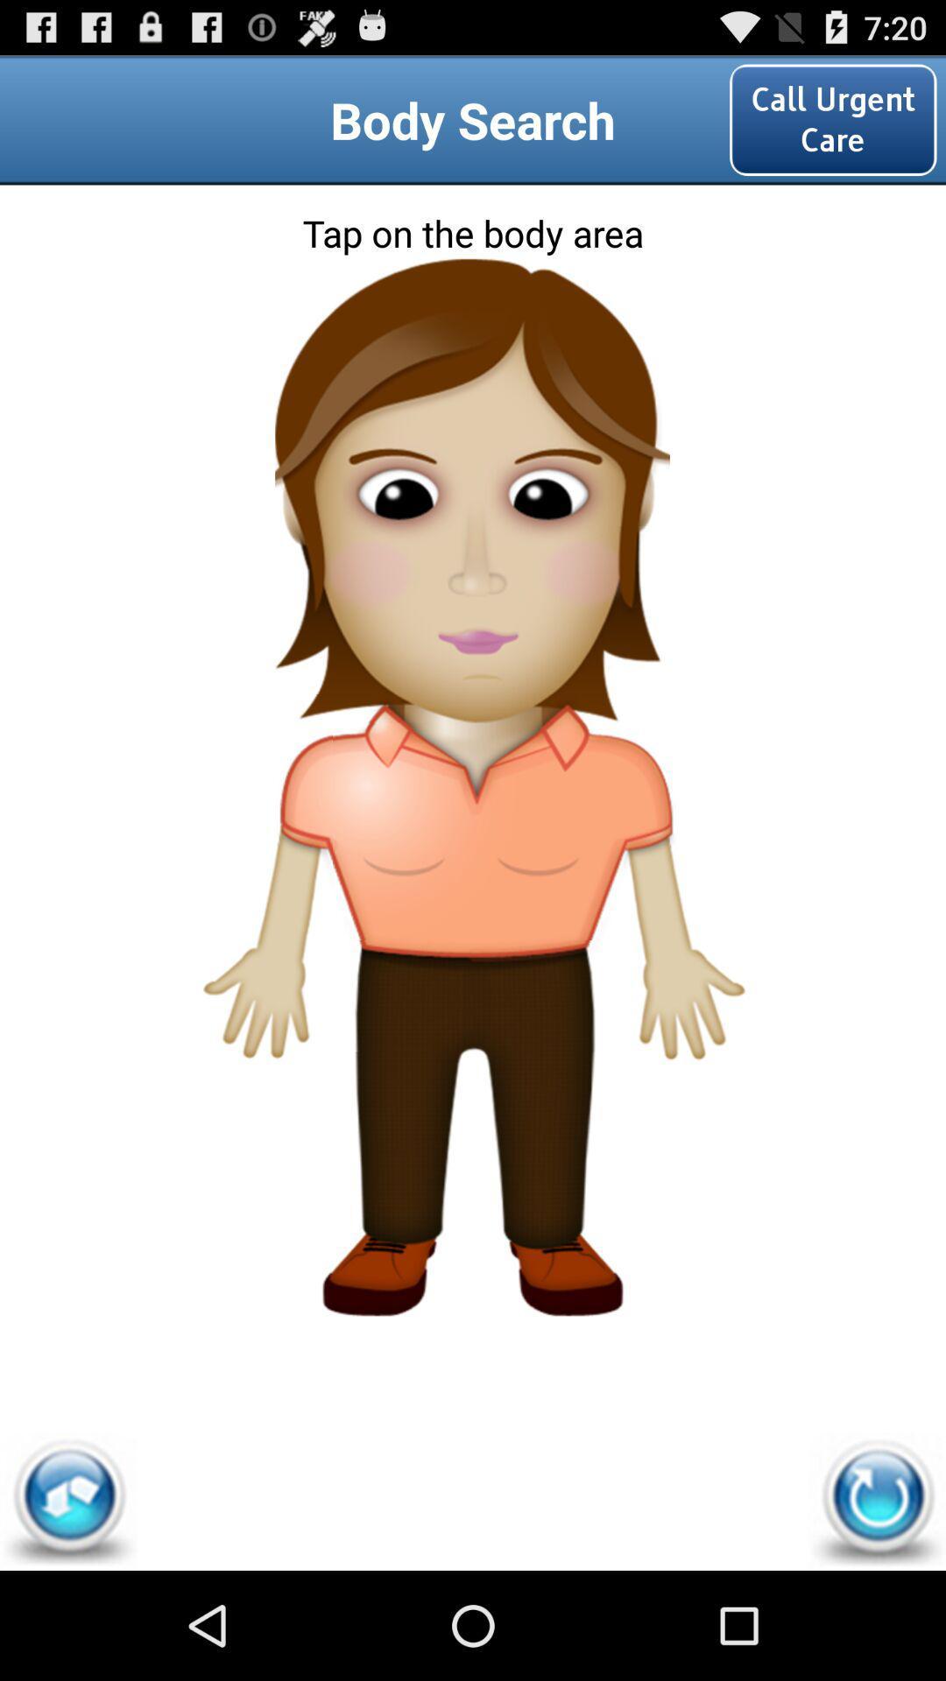  I want to click on legs and feet, so click(473, 1185).